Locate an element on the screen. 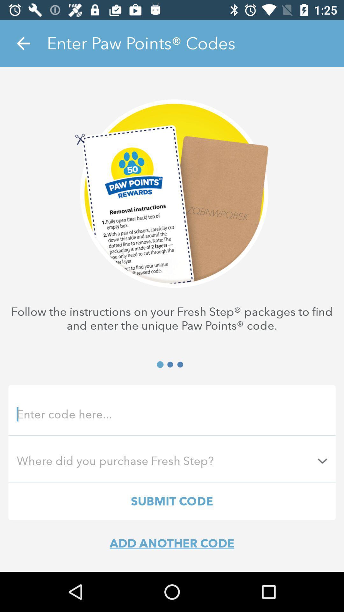 This screenshot has height=612, width=344. add another code item is located at coordinates (172, 543).